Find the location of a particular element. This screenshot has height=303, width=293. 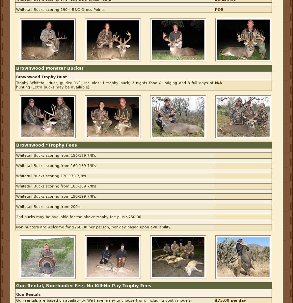

'Whitetail Bucks scoring from 180-189 7/8's' is located at coordinates (56, 186).